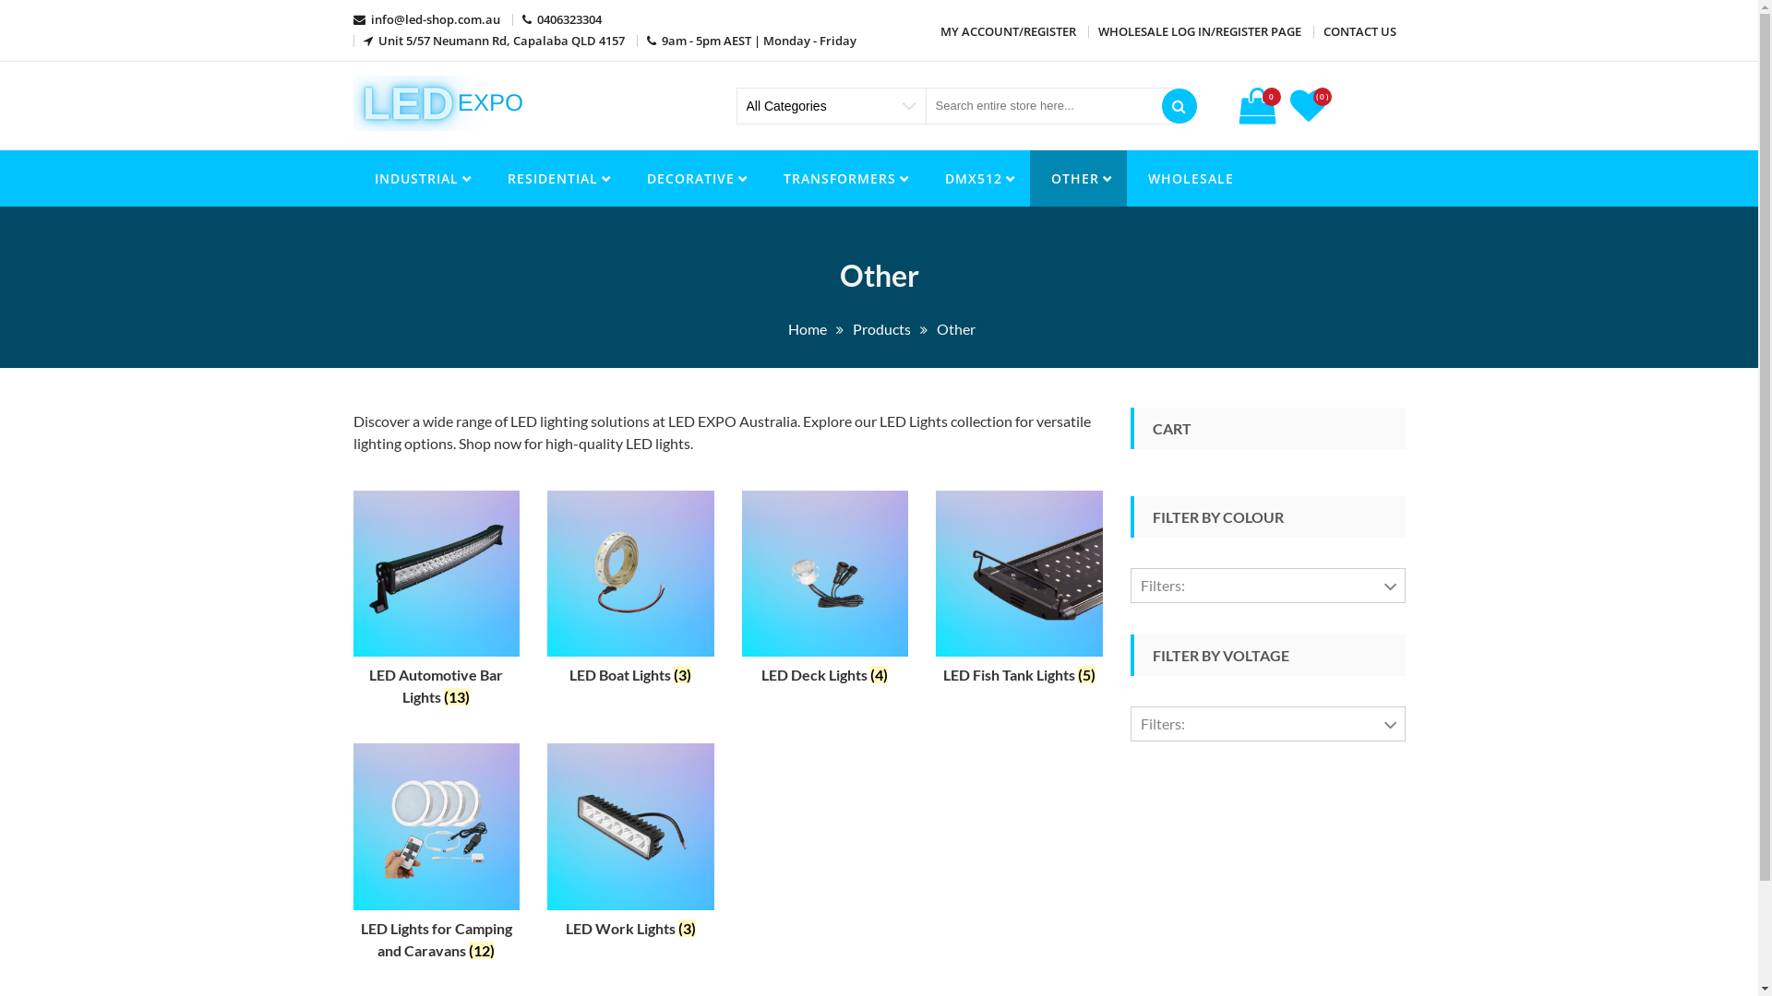 This screenshot has width=1772, height=996. Describe the element at coordinates (1266, 723) in the screenshot. I see `'Filters:'` at that location.